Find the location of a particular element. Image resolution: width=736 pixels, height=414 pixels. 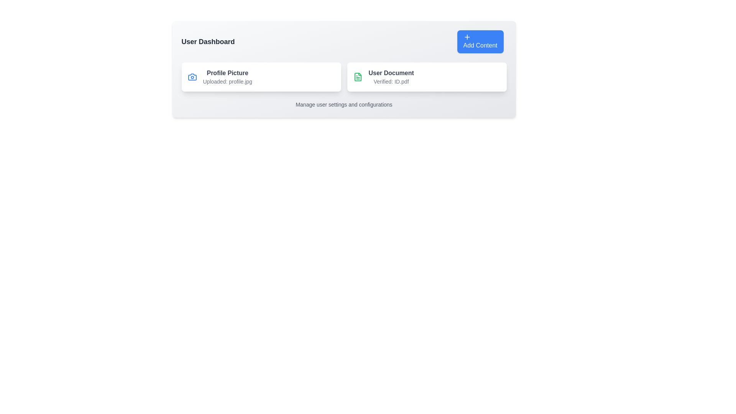

the Static text label that acts as a title for the user document section in the User Dashboard interface, positioned above 'Verified: ID.pdf.' is located at coordinates (391, 73).